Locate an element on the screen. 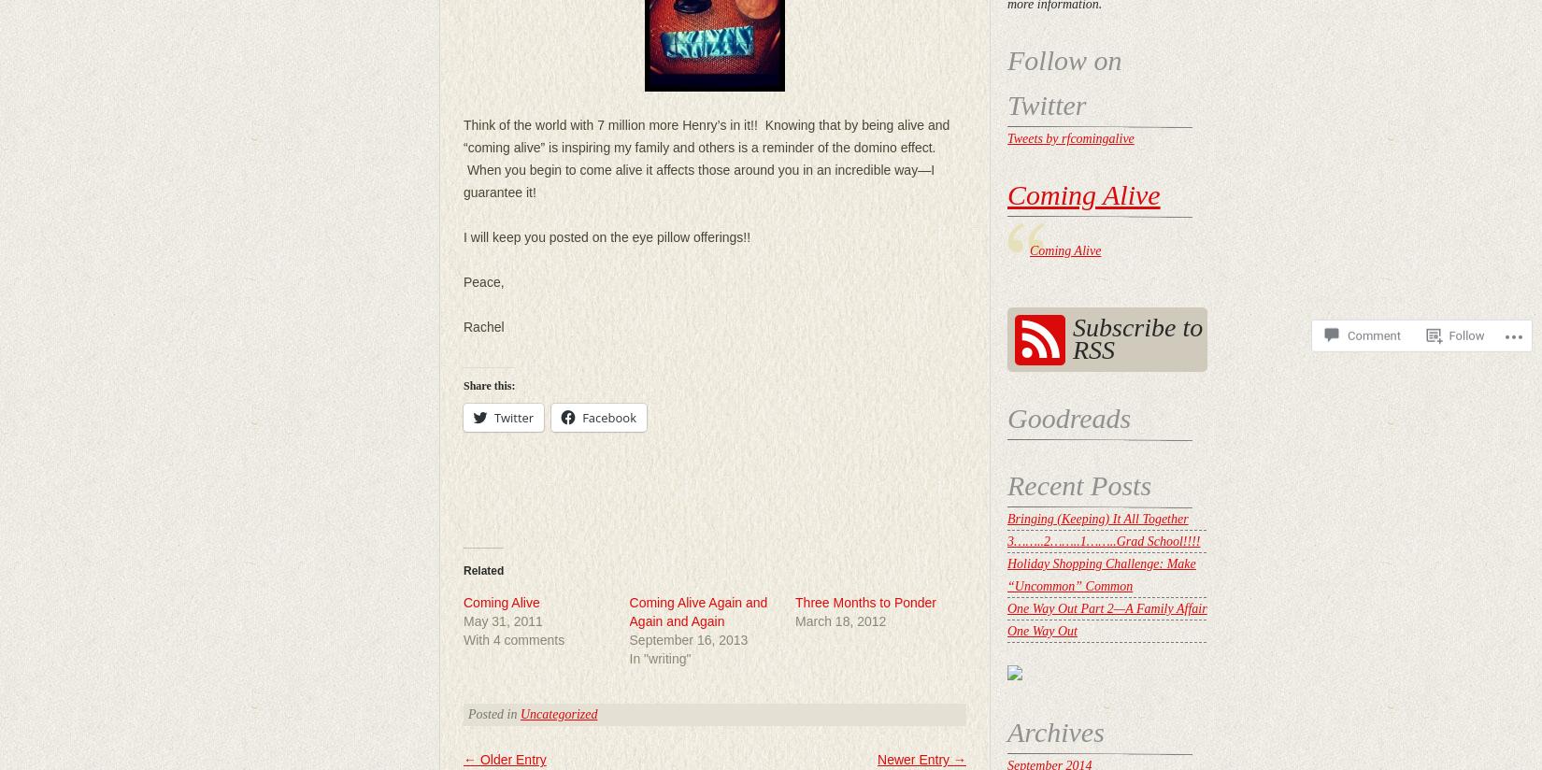 This screenshot has height=770, width=1542. 'Bringing (Keeping) It All Together' is located at coordinates (1097, 518).